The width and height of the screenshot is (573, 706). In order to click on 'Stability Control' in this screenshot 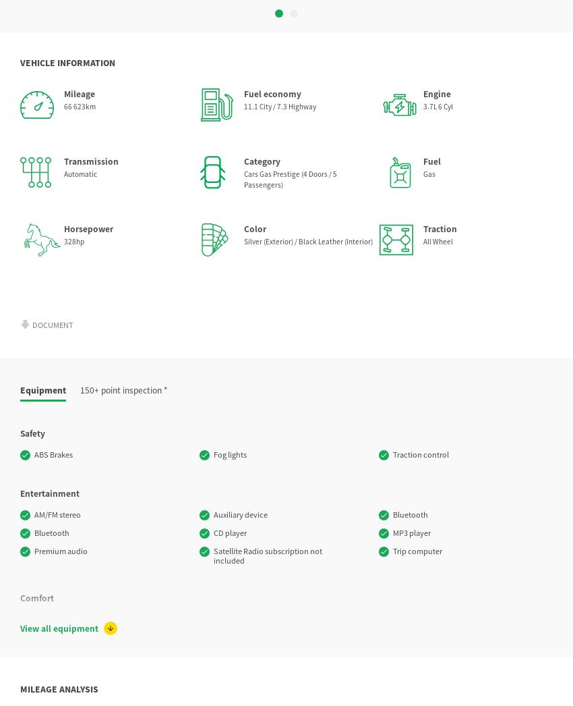, I will do `click(34, 550)`.